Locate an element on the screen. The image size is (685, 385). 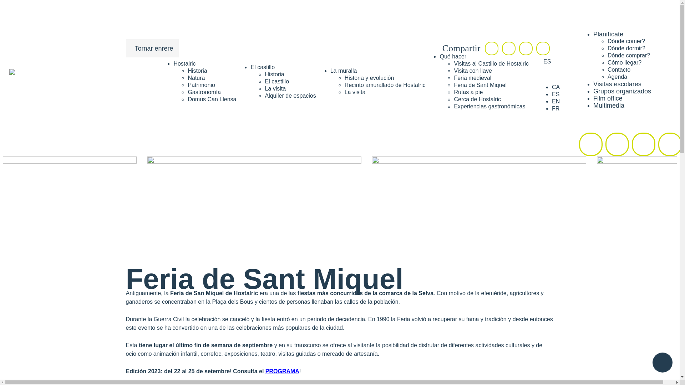
'FR' is located at coordinates (555, 108).